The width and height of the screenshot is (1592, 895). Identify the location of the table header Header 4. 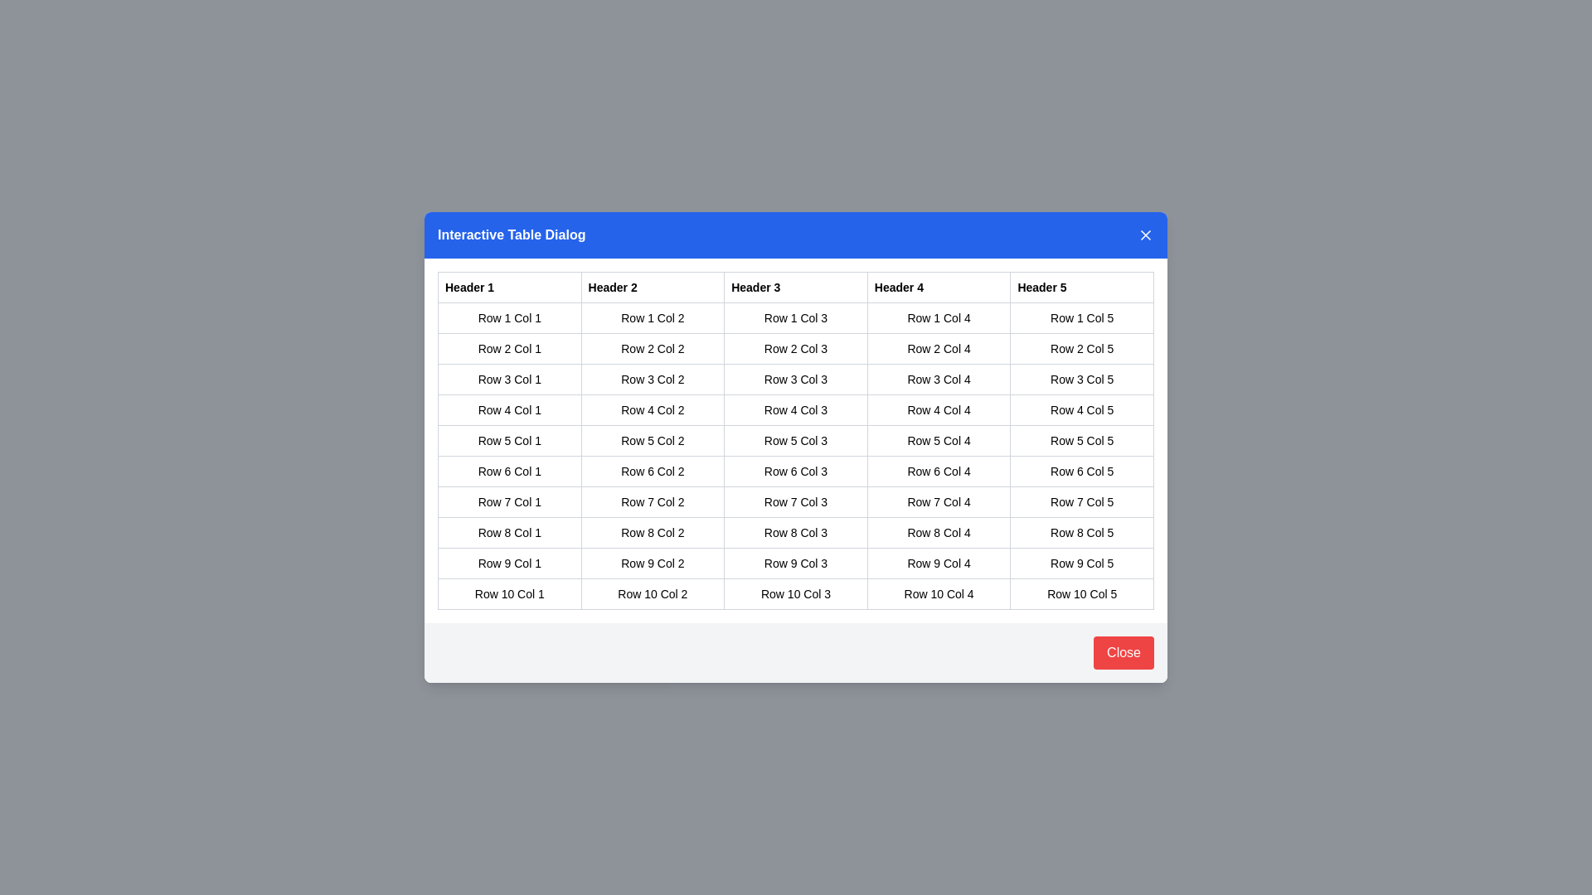
(939, 287).